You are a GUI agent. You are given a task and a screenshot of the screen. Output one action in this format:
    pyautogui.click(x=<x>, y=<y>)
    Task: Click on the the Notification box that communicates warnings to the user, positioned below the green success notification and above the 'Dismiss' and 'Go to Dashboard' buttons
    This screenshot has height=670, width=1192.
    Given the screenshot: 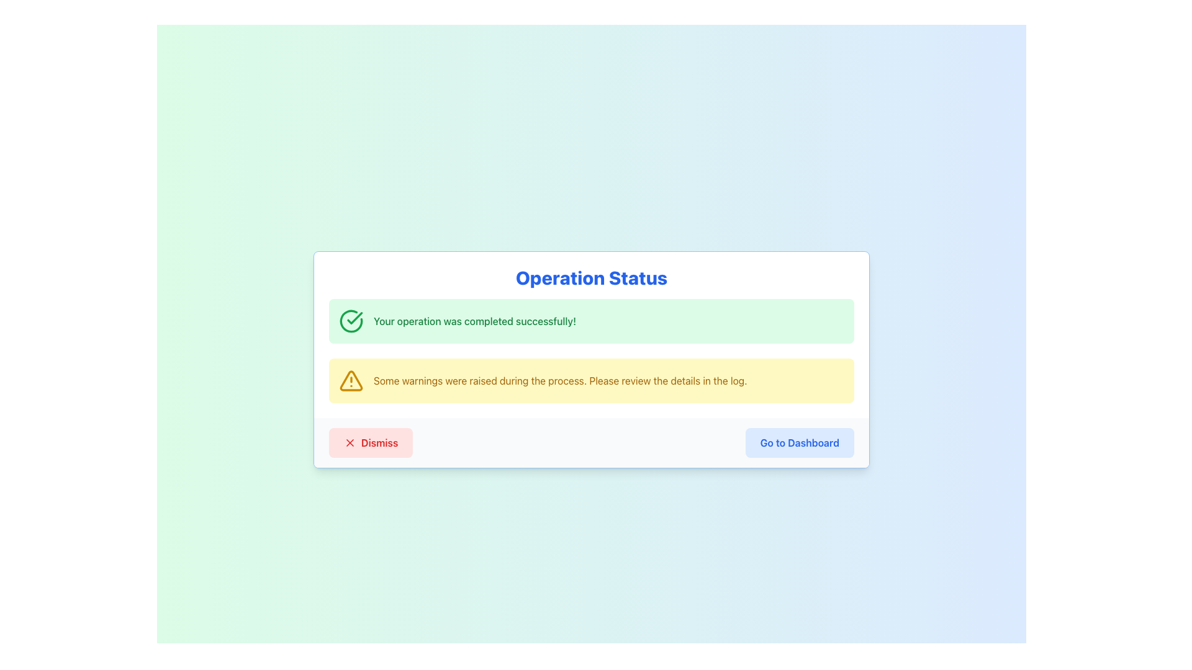 What is the action you would take?
    pyautogui.click(x=591, y=380)
    